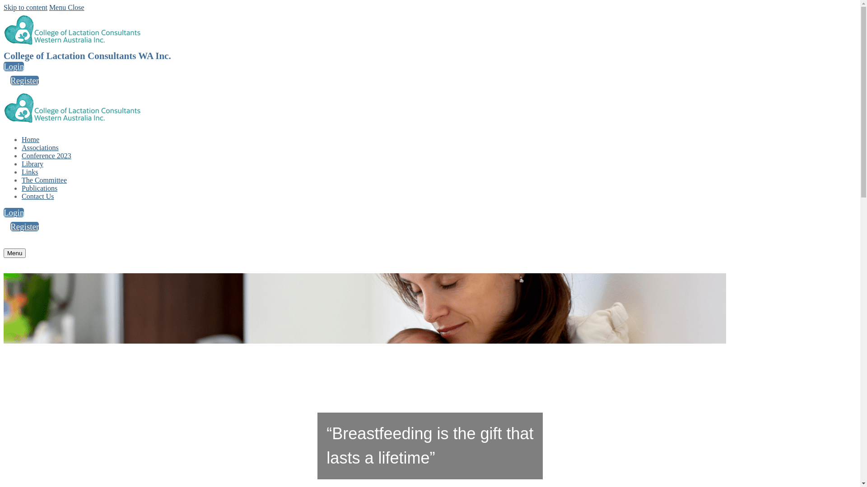 The image size is (867, 487). What do you see at coordinates (39, 188) in the screenshot?
I see `'Publications'` at bounding box center [39, 188].